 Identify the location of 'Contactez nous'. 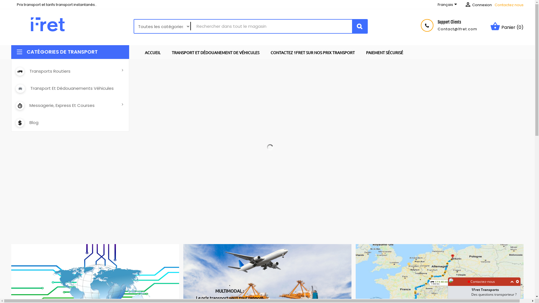
(509, 5).